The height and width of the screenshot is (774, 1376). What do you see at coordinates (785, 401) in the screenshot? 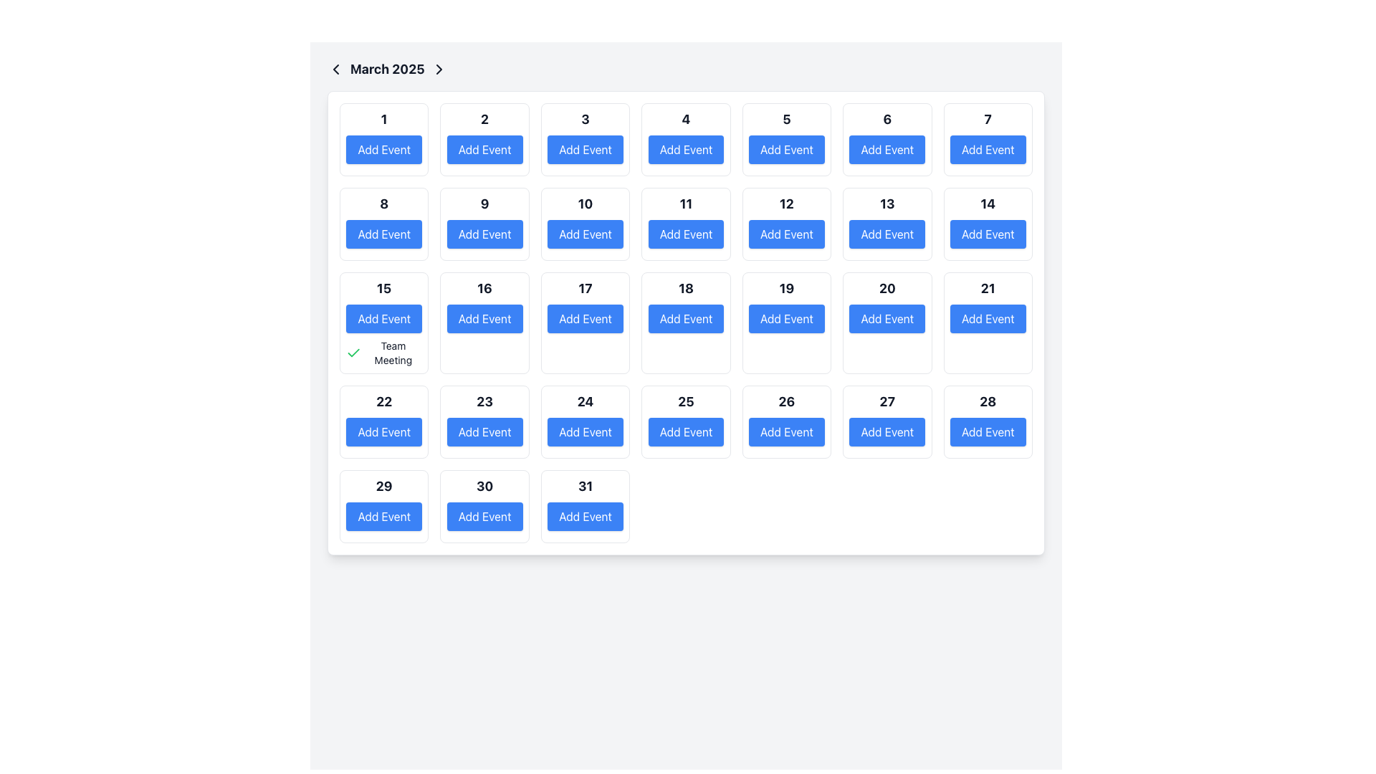
I see `the bolded number '26' displayed in a larger font size, which is centrally positioned in the fourth row and fifth column of a calendar grid for March 2025` at bounding box center [785, 401].